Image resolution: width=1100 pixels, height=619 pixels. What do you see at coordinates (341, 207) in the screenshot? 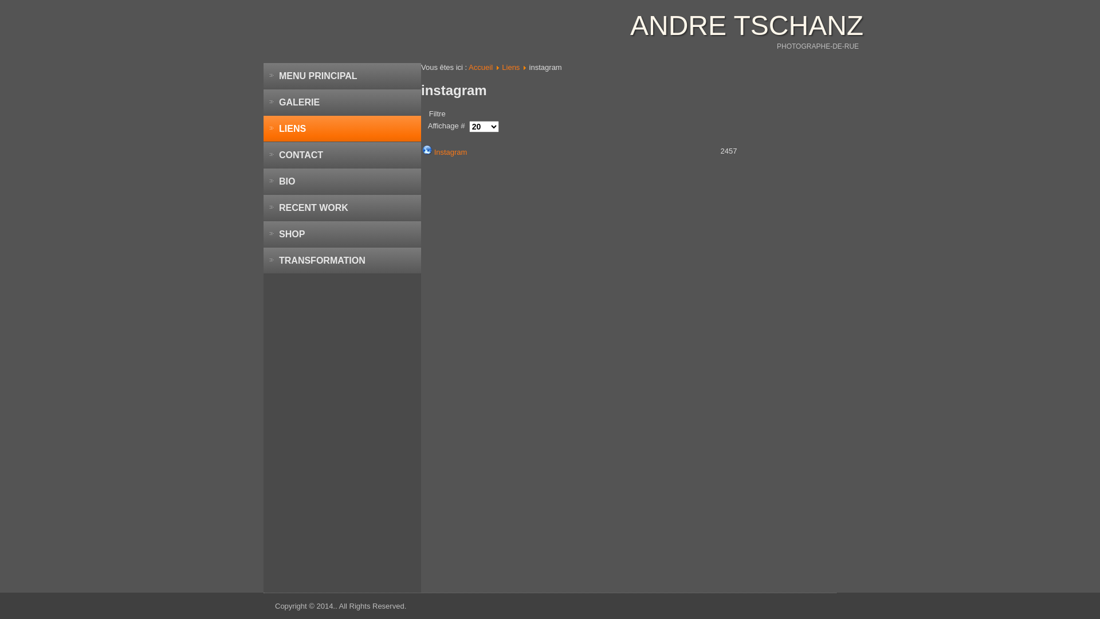
I see `'RECENT WORK'` at bounding box center [341, 207].